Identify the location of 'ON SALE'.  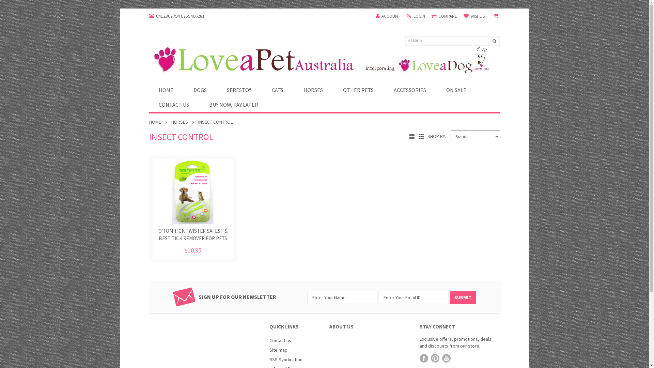
(456, 90).